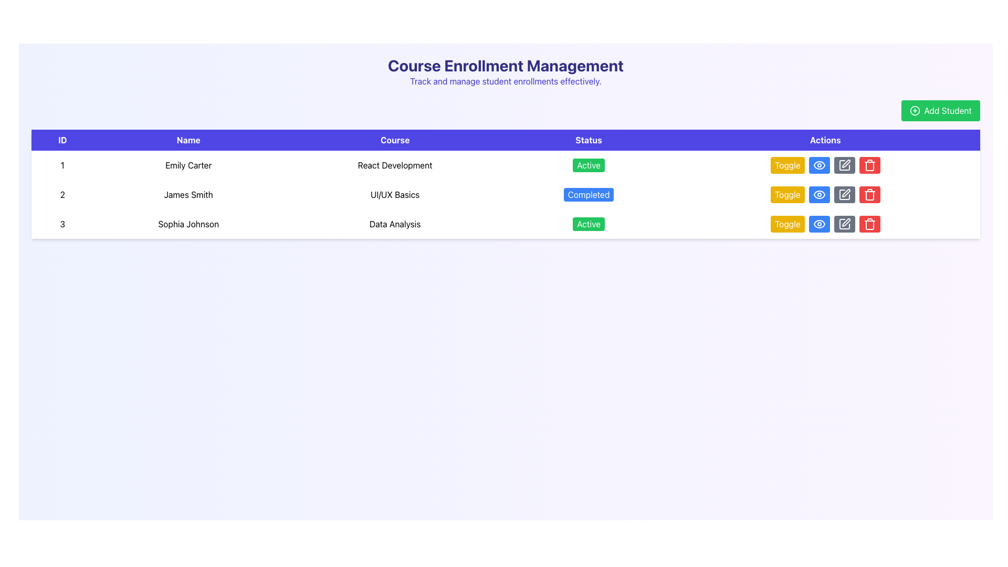 The height and width of the screenshot is (567, 1008). I want to click on the trash bin icon with a red background in the Actions column of the last row of the table, so click(869, 224).